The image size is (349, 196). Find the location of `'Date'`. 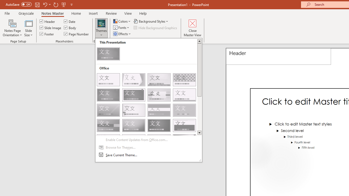

'Date' is located at coordinates (70, 21).